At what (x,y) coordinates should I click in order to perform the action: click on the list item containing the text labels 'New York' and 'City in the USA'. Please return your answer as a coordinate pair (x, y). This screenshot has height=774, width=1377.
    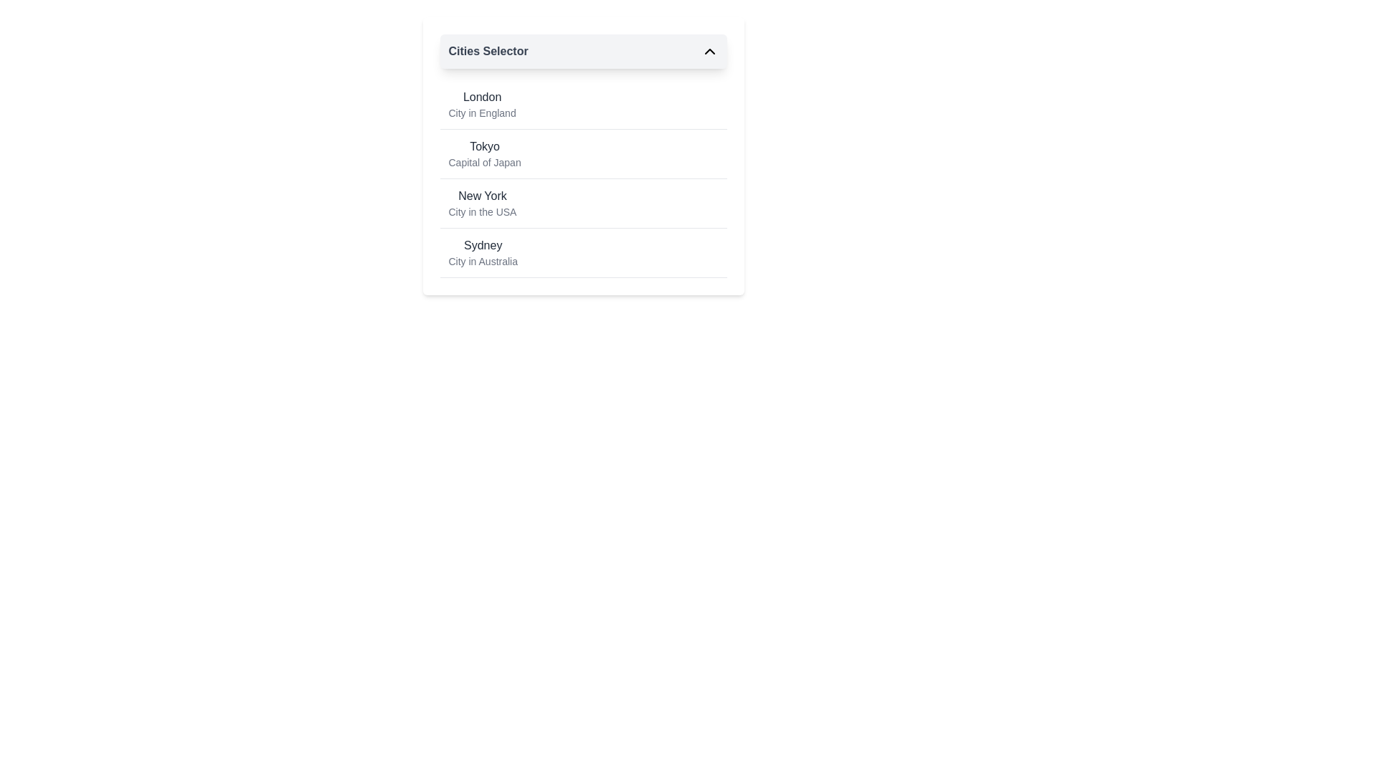
    Looking at the image, I should click on (482, 204).